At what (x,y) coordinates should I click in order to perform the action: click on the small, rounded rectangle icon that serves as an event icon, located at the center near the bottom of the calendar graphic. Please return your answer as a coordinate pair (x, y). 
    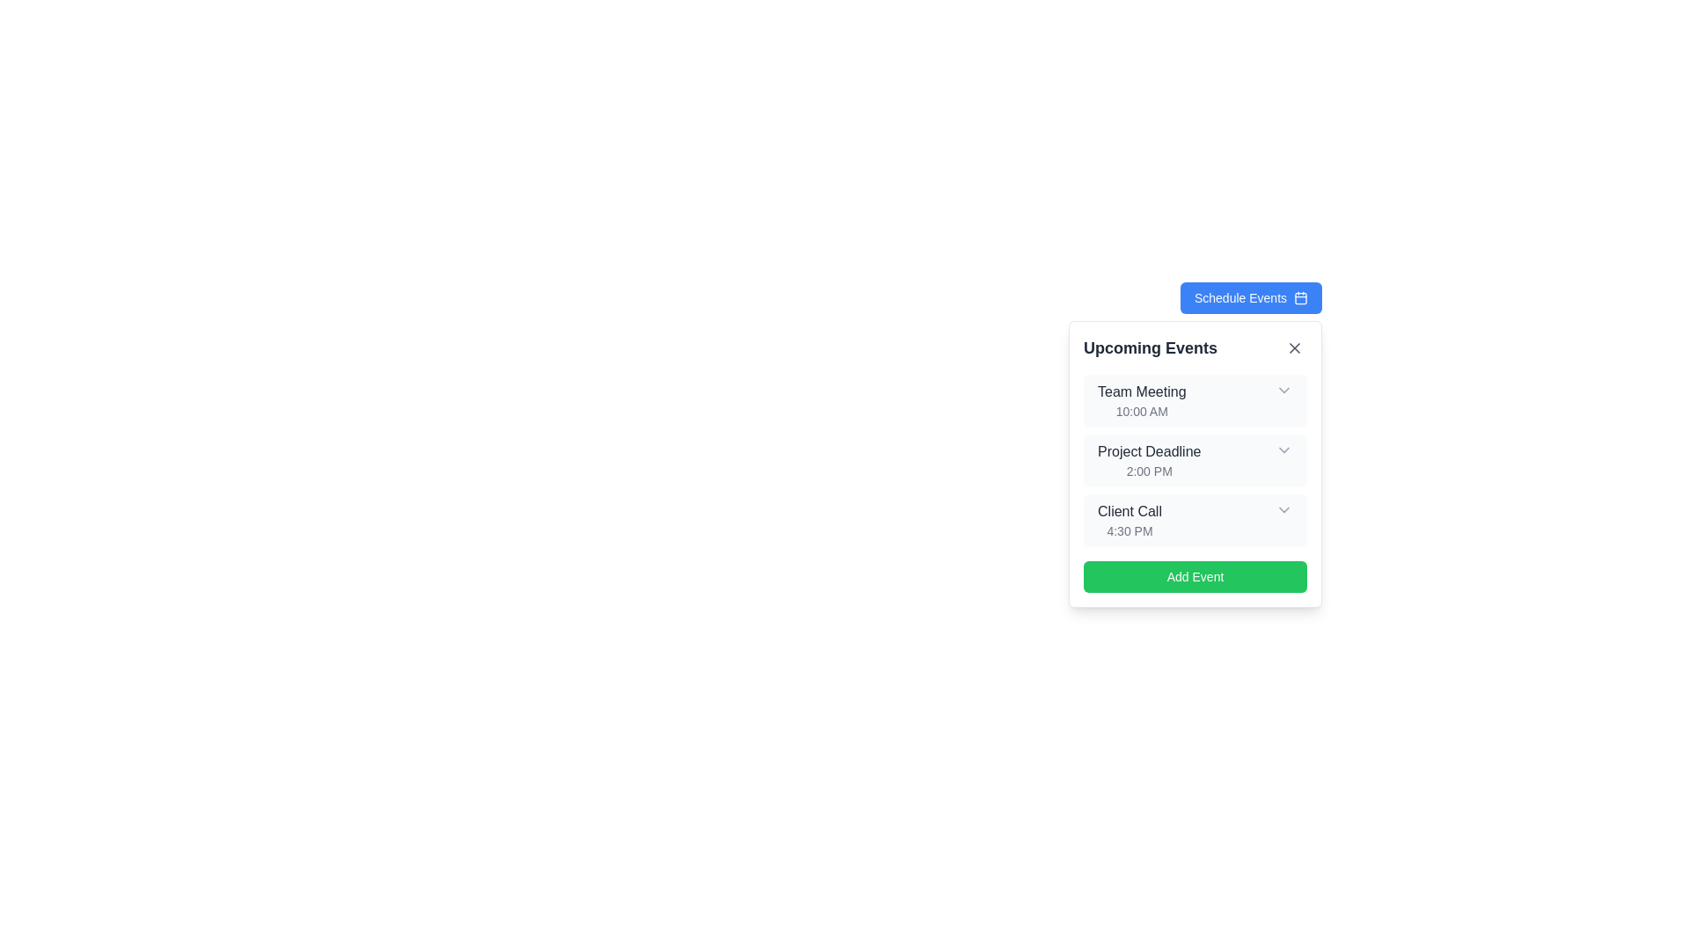
    Looking at the image, I should click on (1300, 297).